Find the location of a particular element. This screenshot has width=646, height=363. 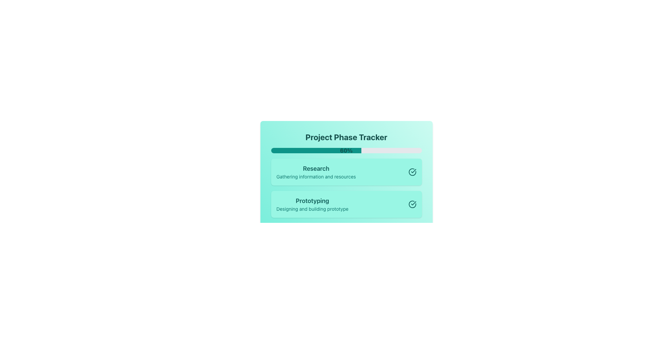

the circular teal checkmark icon indicating completion, located on the far right side of the 'Prototyping' section within the 'Project Phase Tracker' card is located at coordinates (412, 204).